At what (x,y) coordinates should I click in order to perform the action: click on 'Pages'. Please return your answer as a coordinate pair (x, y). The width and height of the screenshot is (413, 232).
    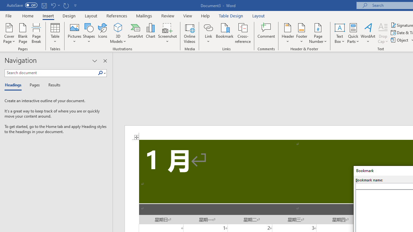
    Looking at the image, I should click on (34, 85).